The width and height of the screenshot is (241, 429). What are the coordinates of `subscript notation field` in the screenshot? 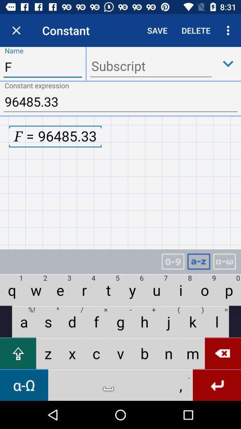 It's located at (150, 66).